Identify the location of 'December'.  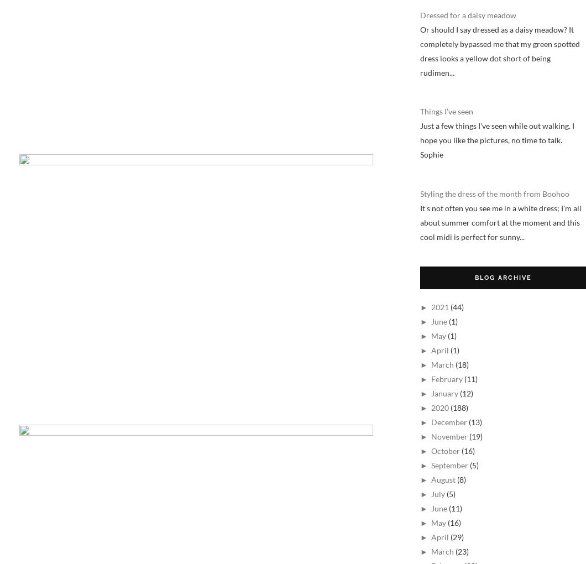
(448, 422).